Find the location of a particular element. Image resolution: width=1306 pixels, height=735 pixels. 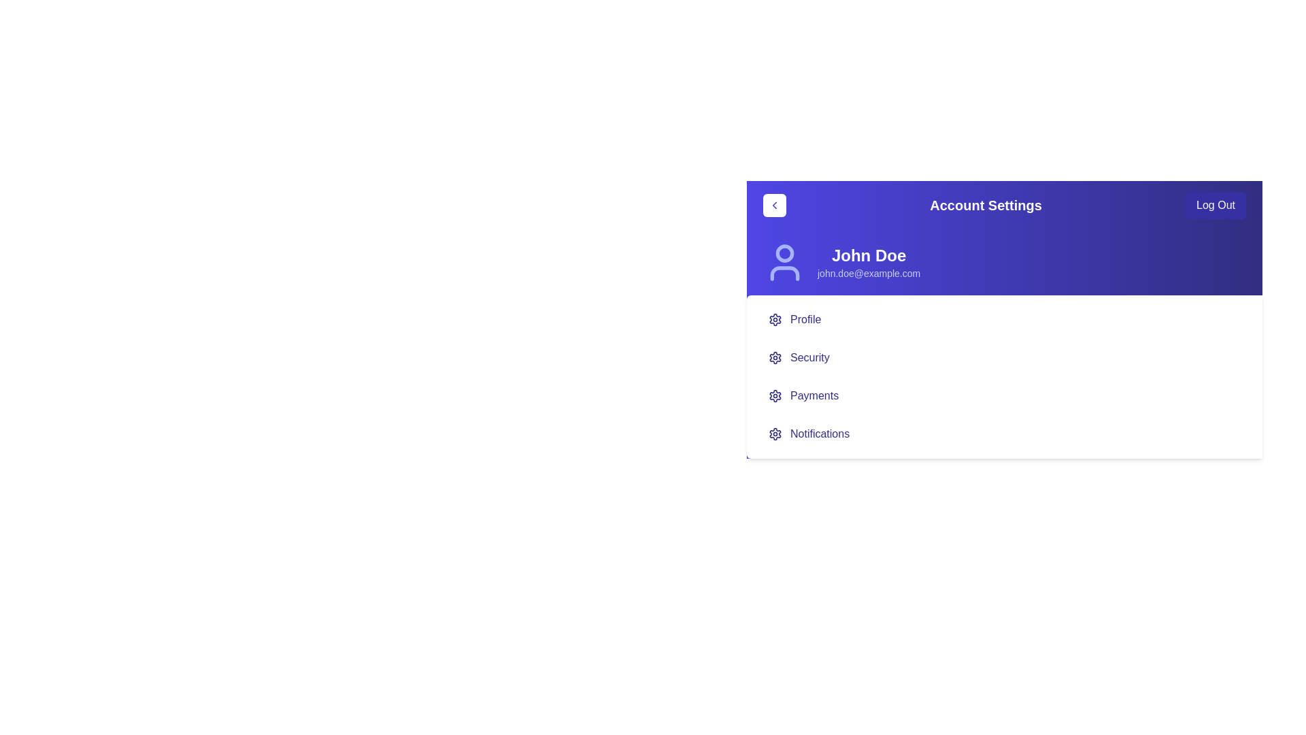

the 'Security' text label in the settings menu is located at coordinates (809, 357).